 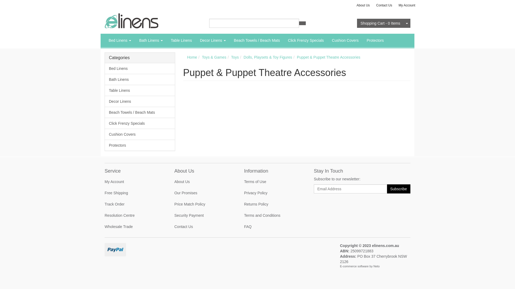 What do you see at coordinates (100, 181) in the screenshot?
I see `'My Account'` at bounding box center [100, 181].